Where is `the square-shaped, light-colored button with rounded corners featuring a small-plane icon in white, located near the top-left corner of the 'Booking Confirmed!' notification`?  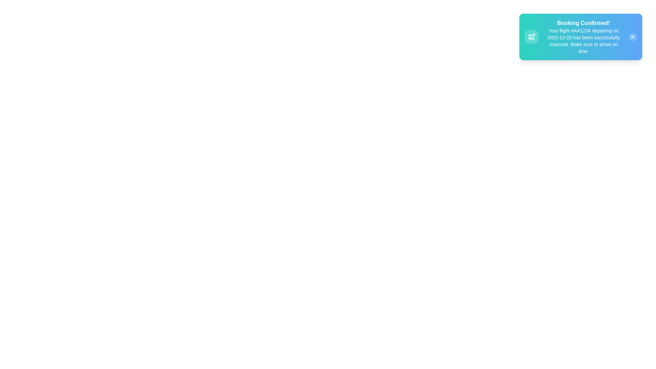
the square-shaped, light-colored button with rounded corners featuring a small-plane icon in white, located near the top-left corner of the 'Booking Confirmed!' notification is located at coordinates (531, 37).